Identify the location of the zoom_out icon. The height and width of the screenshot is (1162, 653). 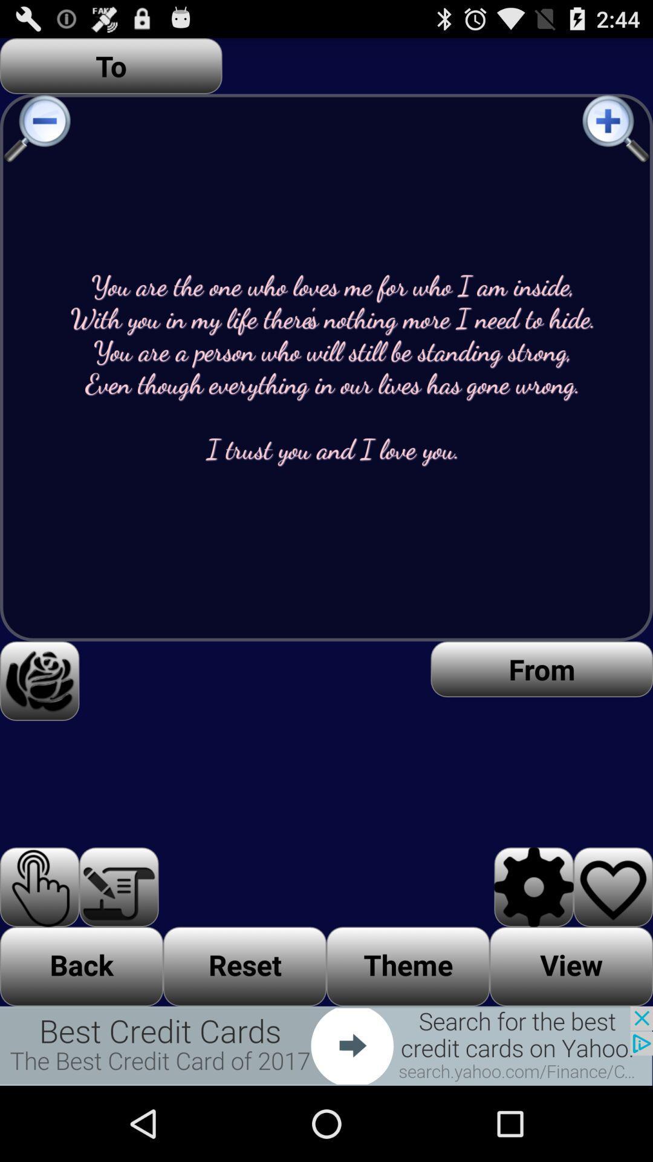
(35, 139).